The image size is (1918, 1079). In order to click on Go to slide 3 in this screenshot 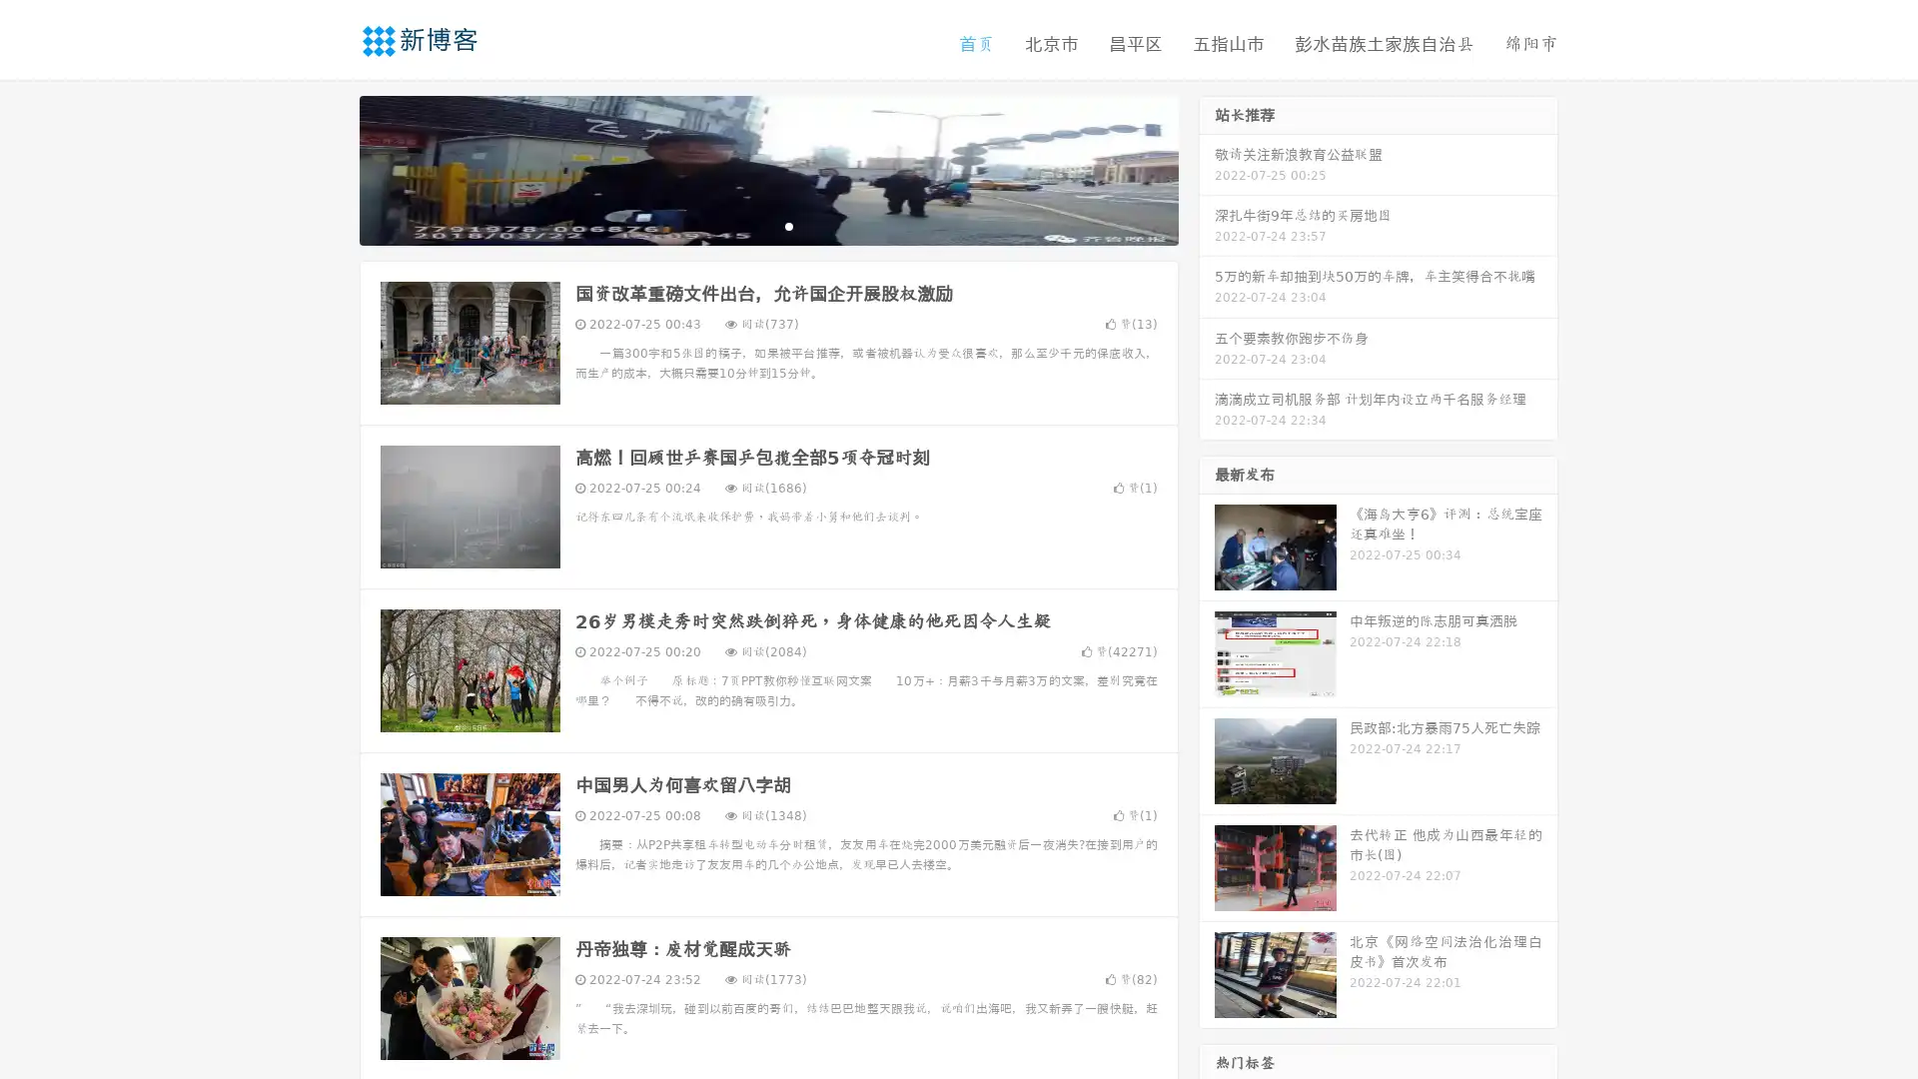, I will do `click(788, 225)`.